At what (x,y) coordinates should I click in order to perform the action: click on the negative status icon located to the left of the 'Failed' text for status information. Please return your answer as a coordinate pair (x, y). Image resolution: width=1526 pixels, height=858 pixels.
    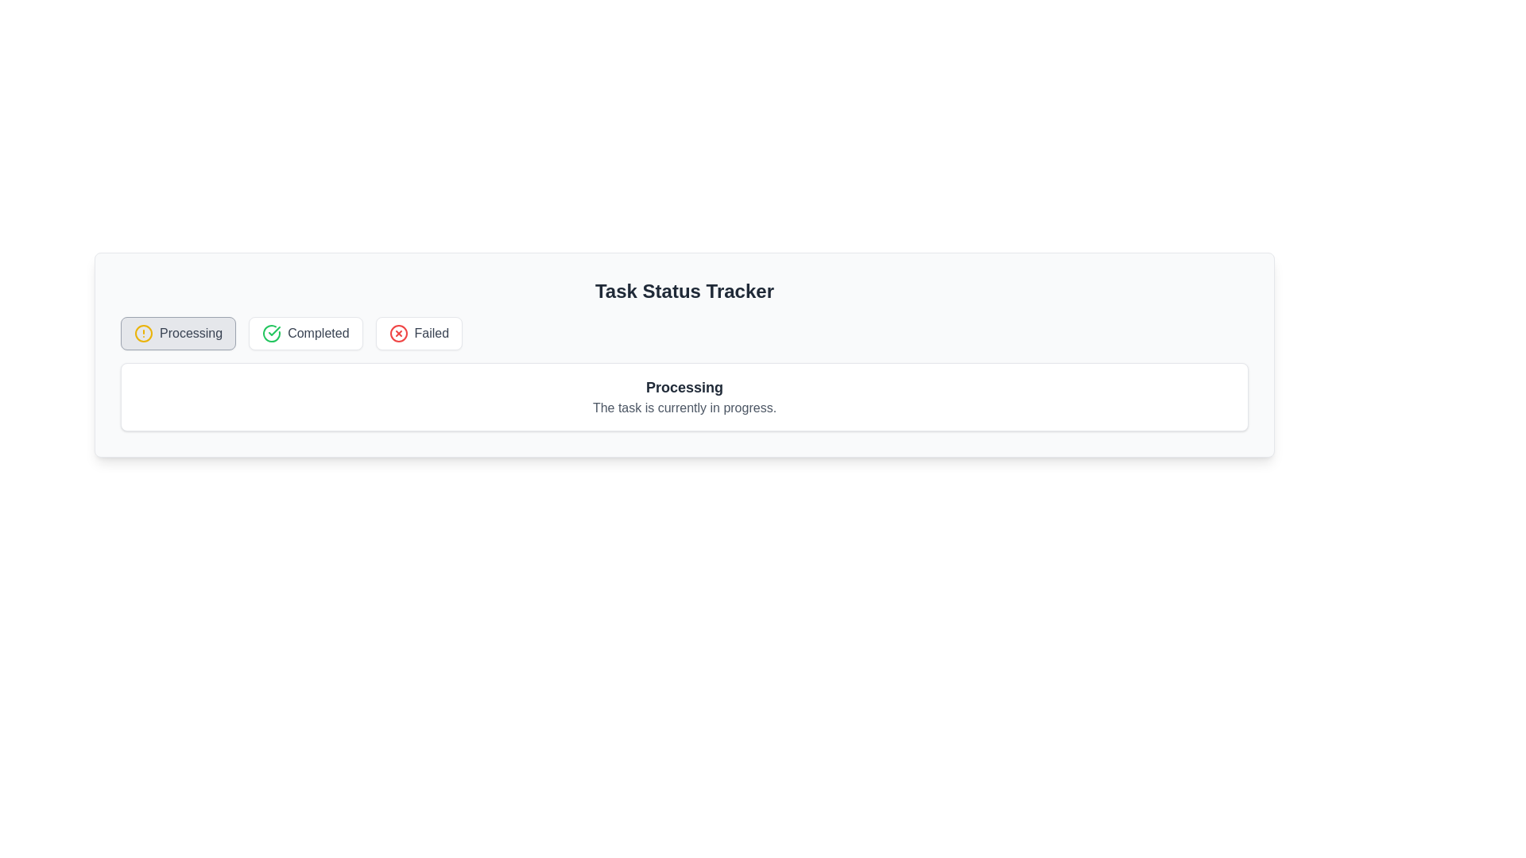
    Looking at the image, I should click on (398, 333).